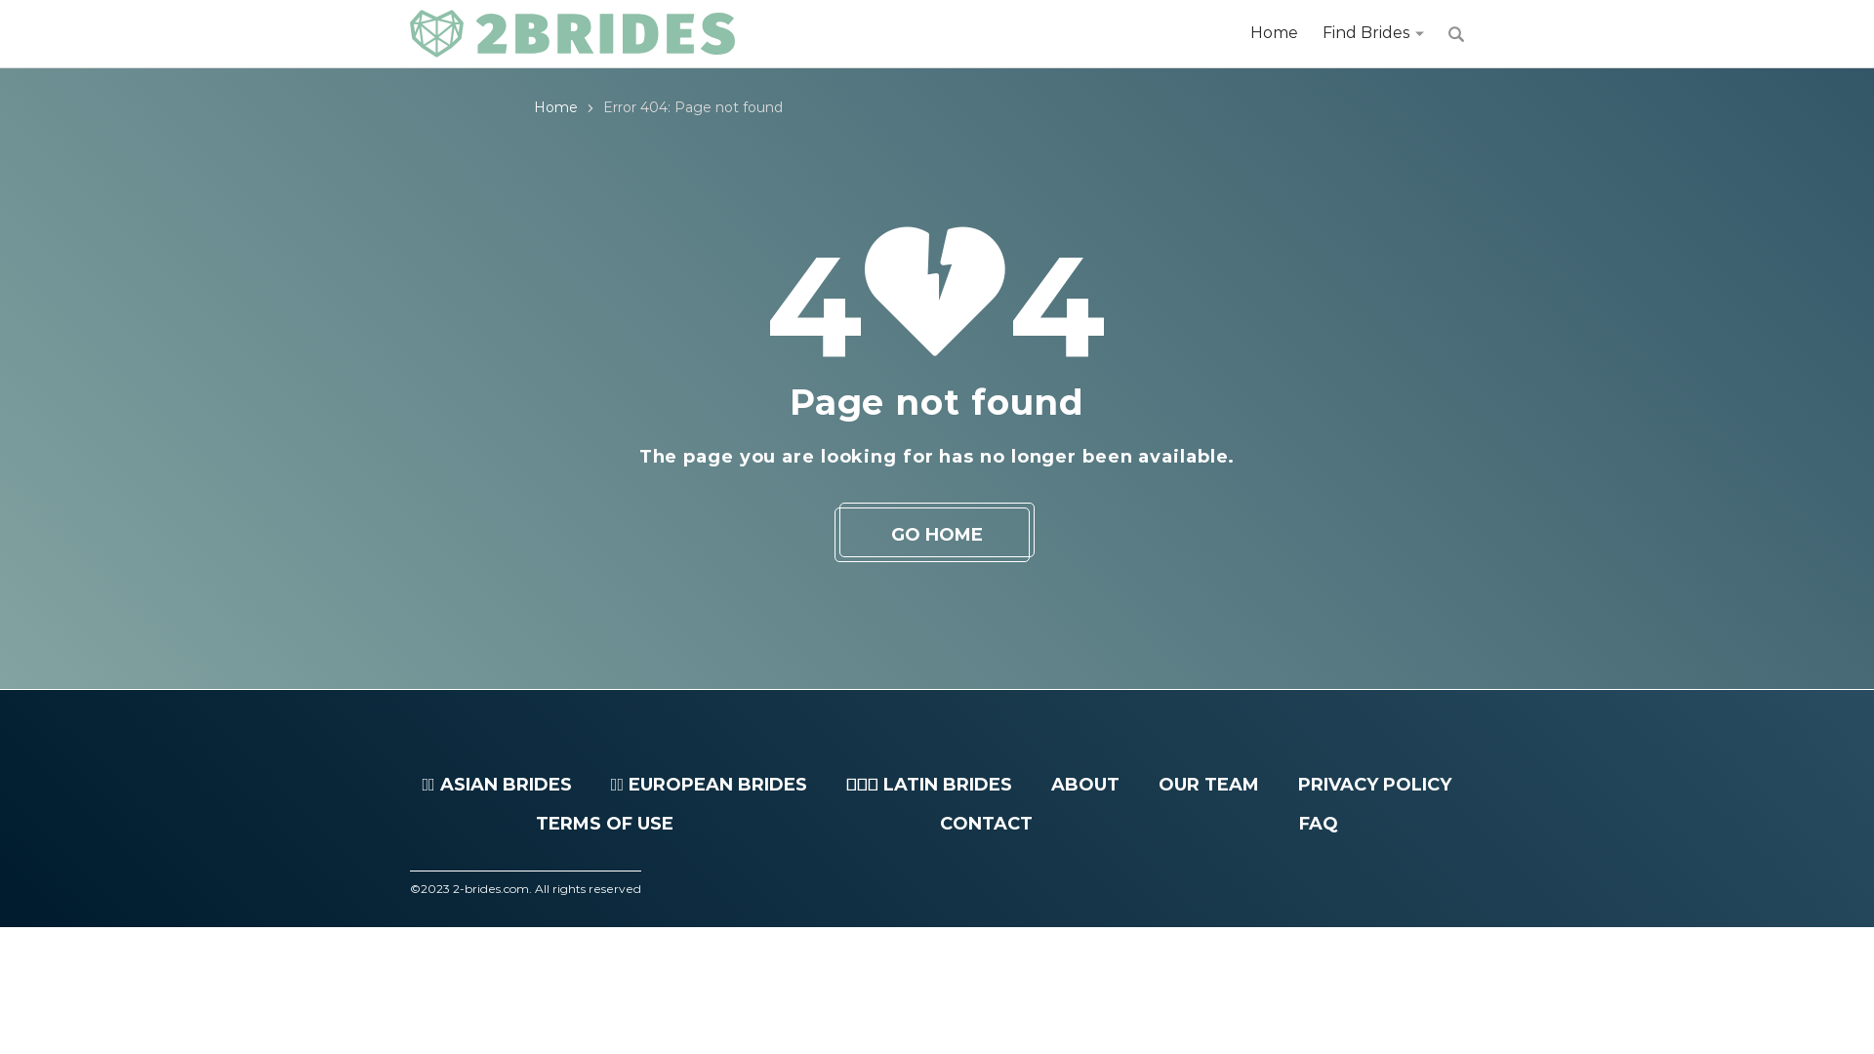 The width and height of the screenshot is (1874, 1054). What do you see at coordinates (603, 824) in the screenshot?
I see `'TERMS OF USE'` at bounding box center [603, 824].